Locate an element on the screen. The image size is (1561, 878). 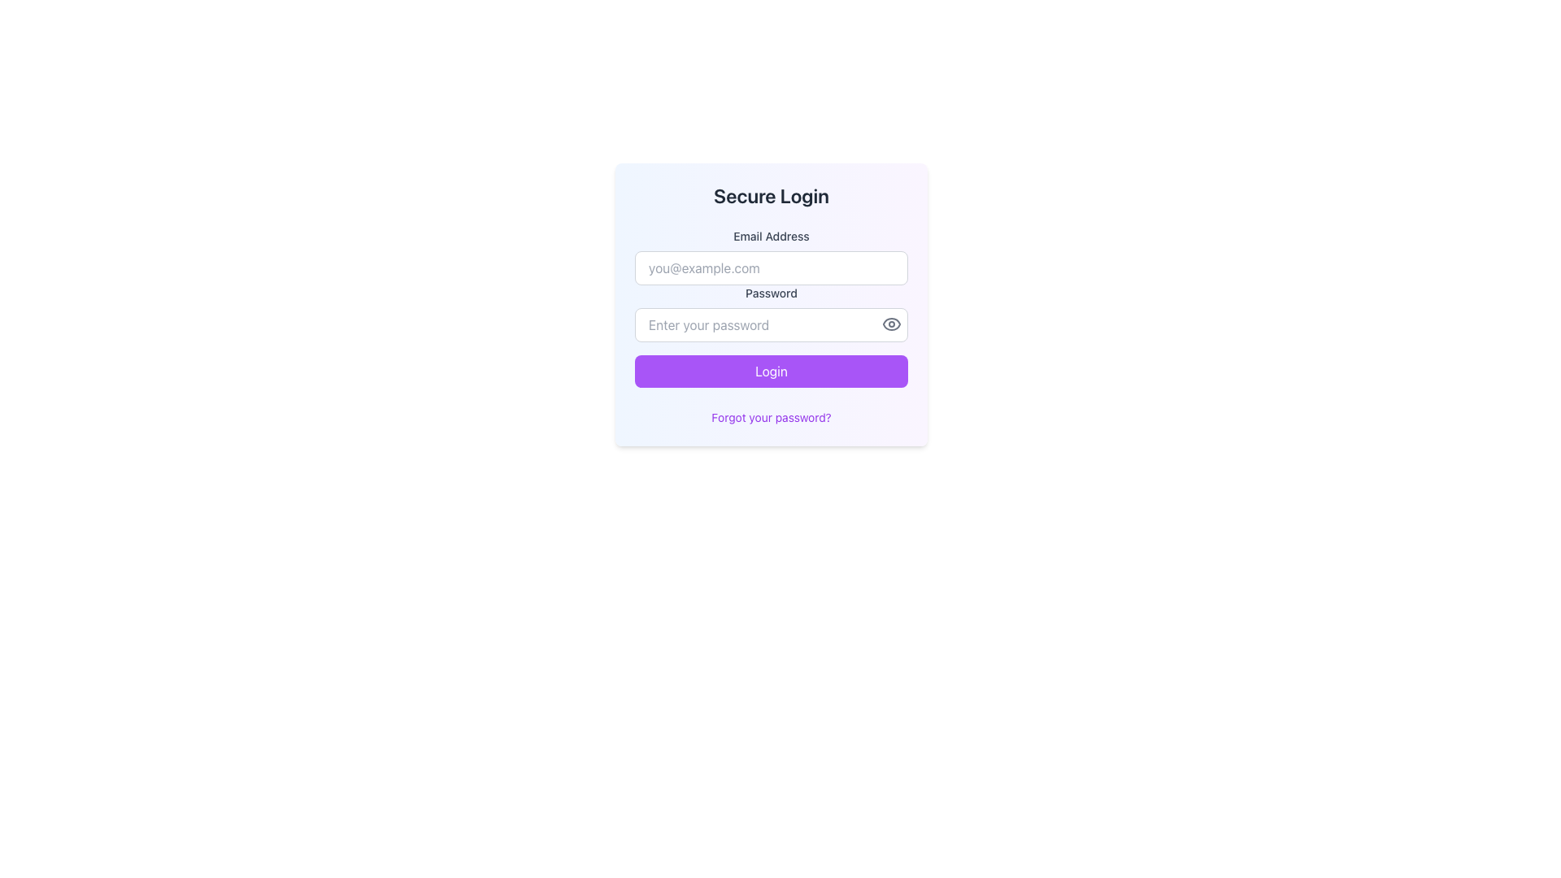
the login button located below the 'Password' input field and above the 'Forgot your password?' text link is located at coordinates (771, 371).